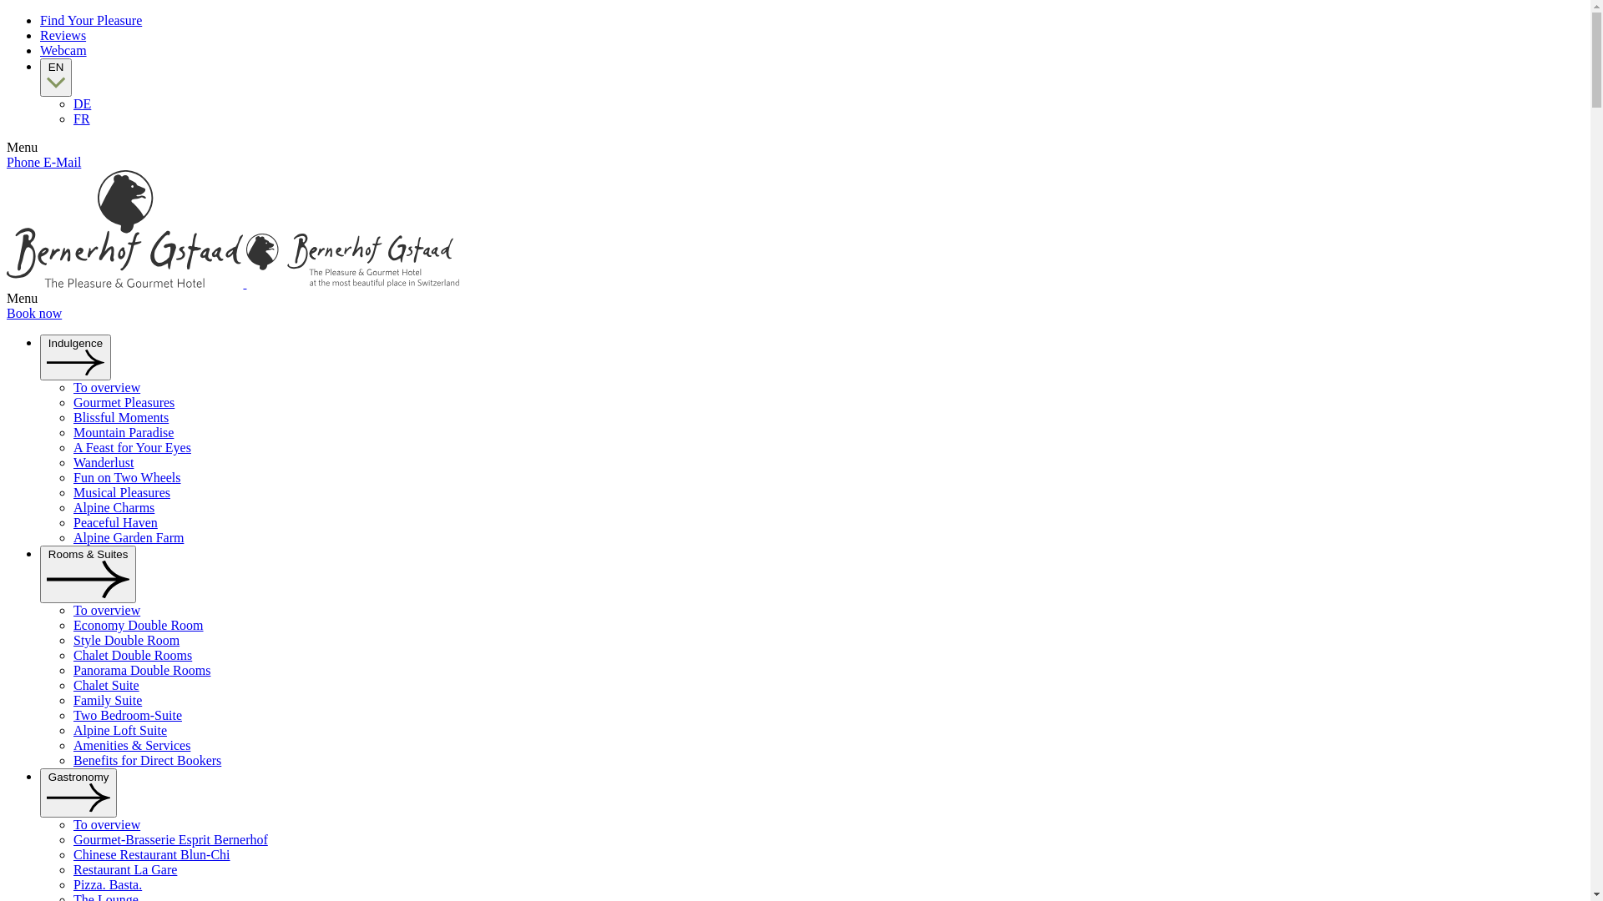 The width and height of the screenshot is (1603, 901). Describe the element at coordinates (141, 669) in the screenshot. I see `'Panorama Double Rooms'` at that location.